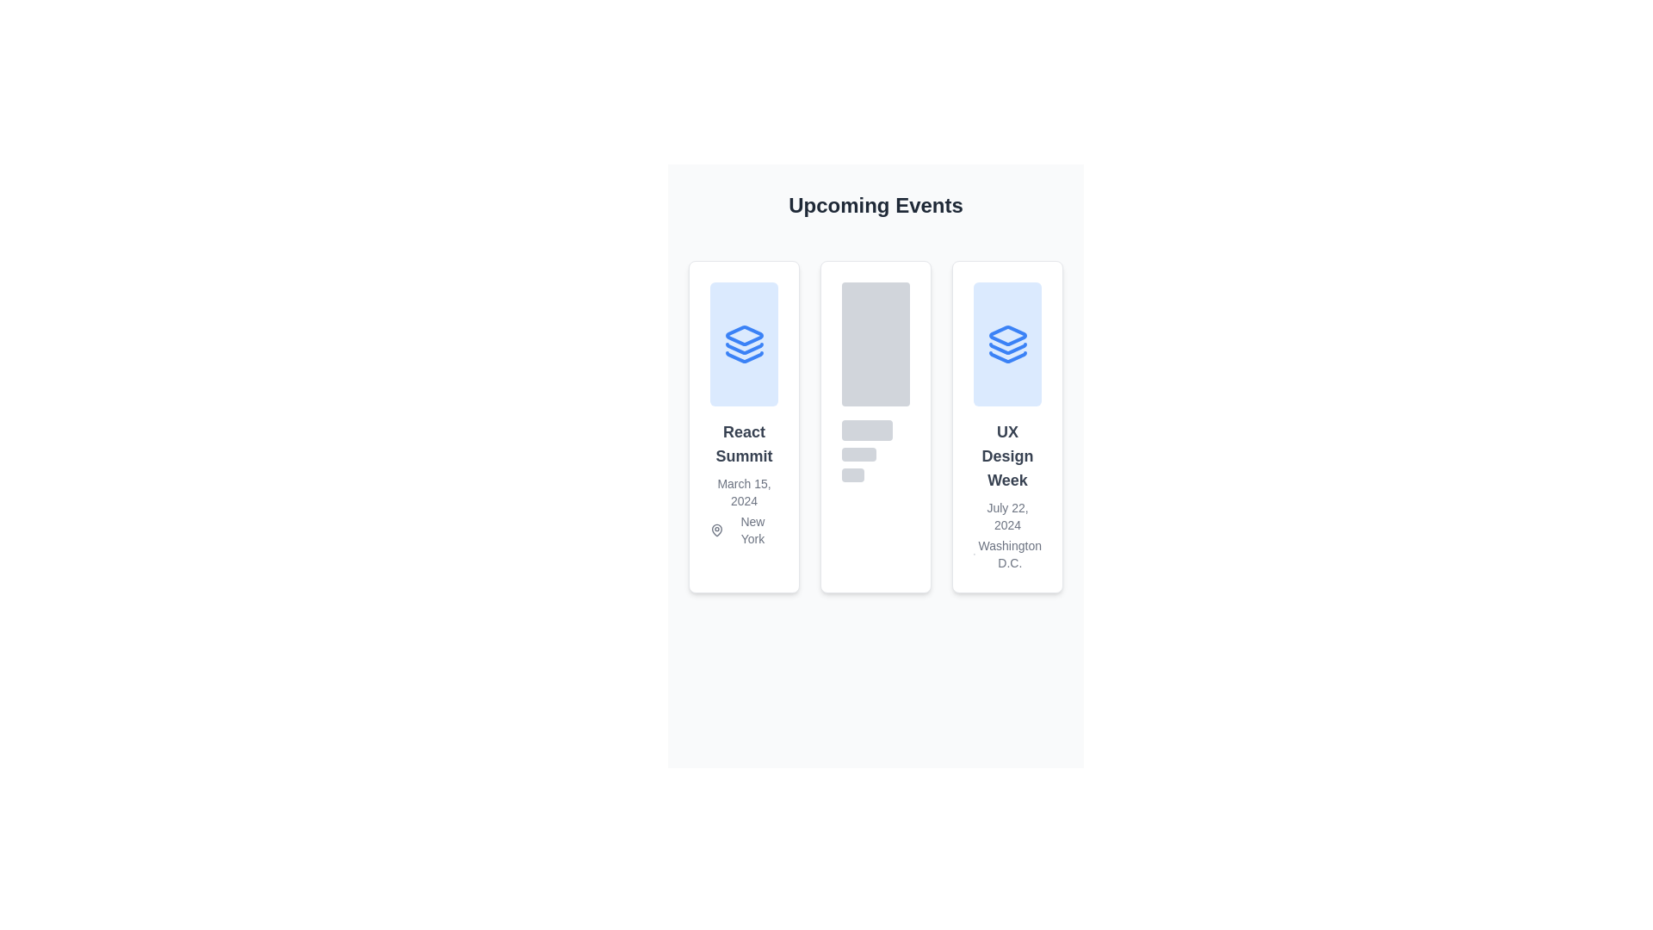  Describe the element at coordinates (744, 344) in the screenshot. I see `the blue stacked layers icon located in the central upper area of the leftmost card containing details about the 'React Summit'` at that location.